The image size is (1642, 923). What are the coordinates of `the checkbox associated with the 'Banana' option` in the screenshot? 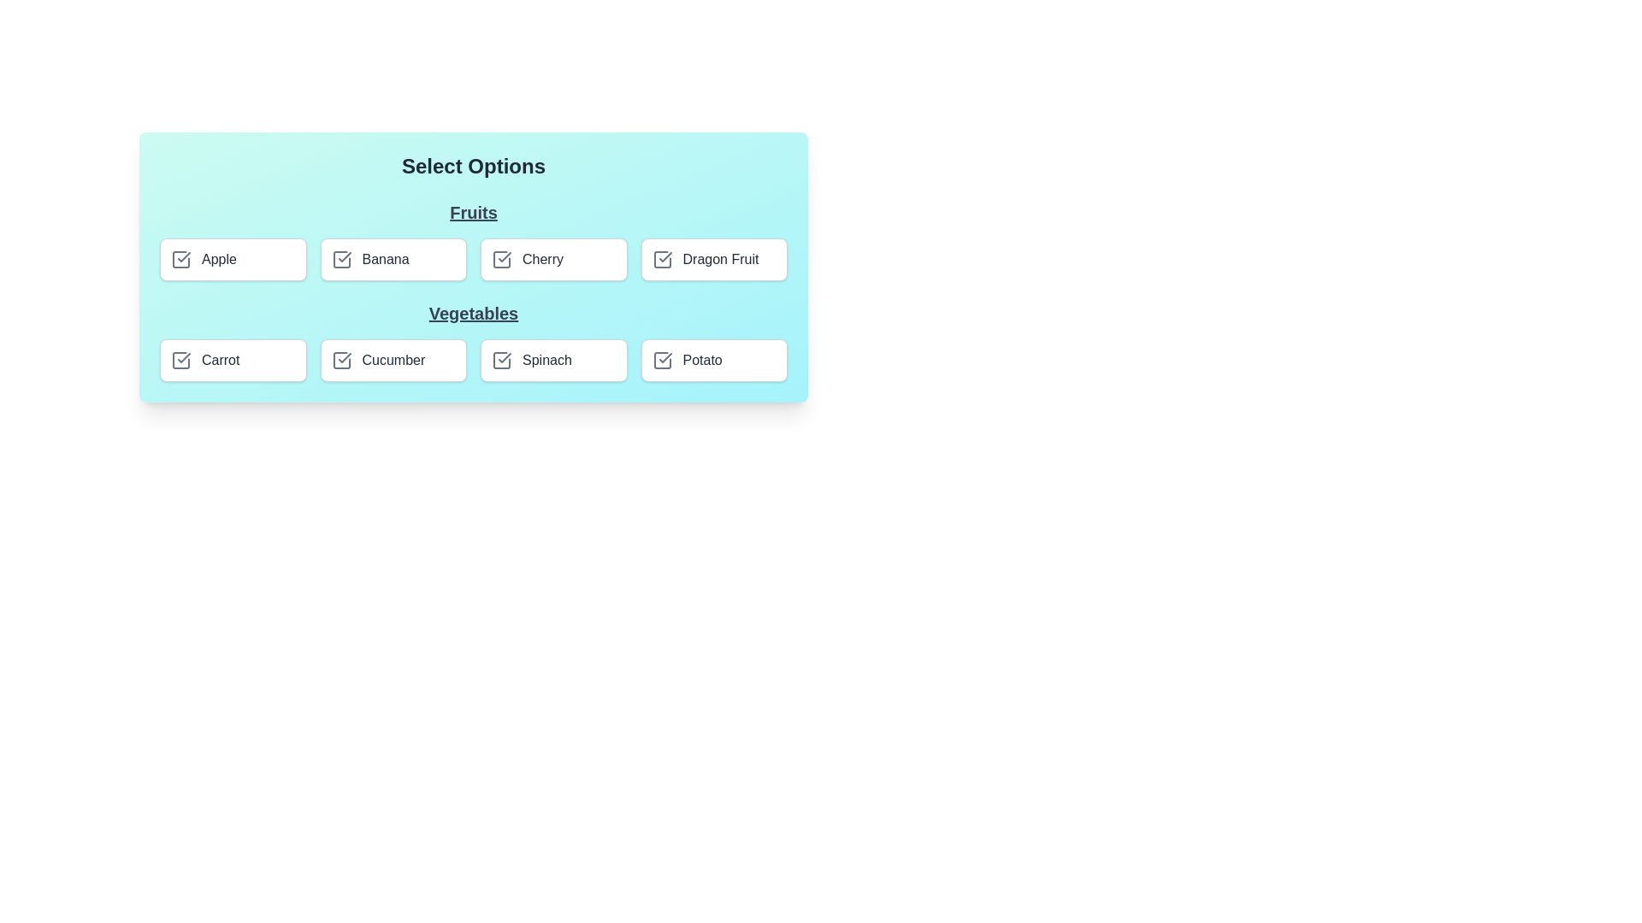 It's located at (344, 256).